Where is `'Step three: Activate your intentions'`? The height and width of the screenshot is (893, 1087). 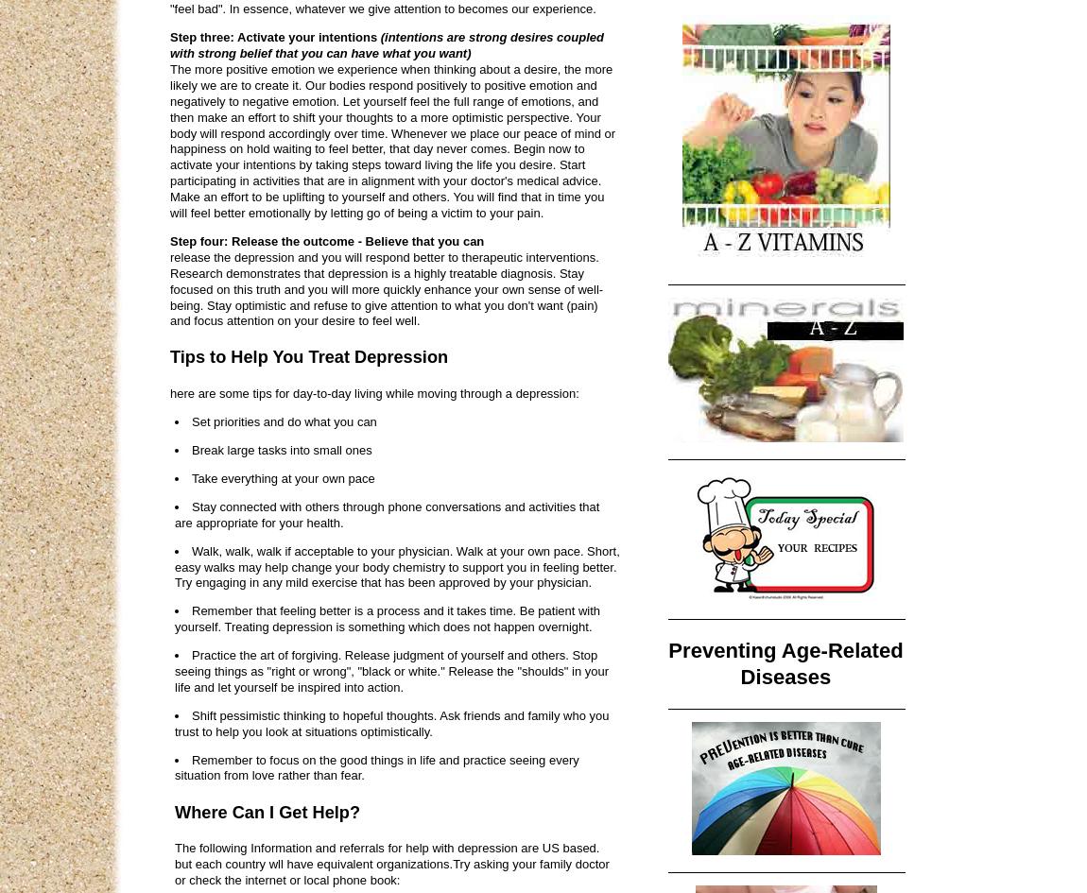
'Step three: Activate your intentions' is located at coordinates (274, 37).